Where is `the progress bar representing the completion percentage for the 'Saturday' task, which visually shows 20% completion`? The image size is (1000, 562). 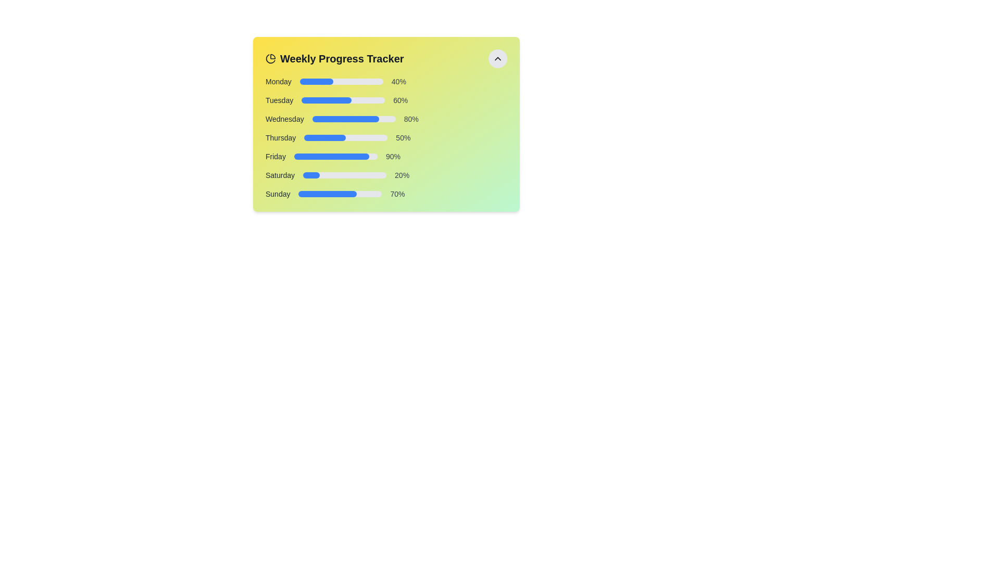 the progress bar representing the completion percentage for the 'Saturday' task, which visually shows 20% completion is located at coordinates (345, 174).